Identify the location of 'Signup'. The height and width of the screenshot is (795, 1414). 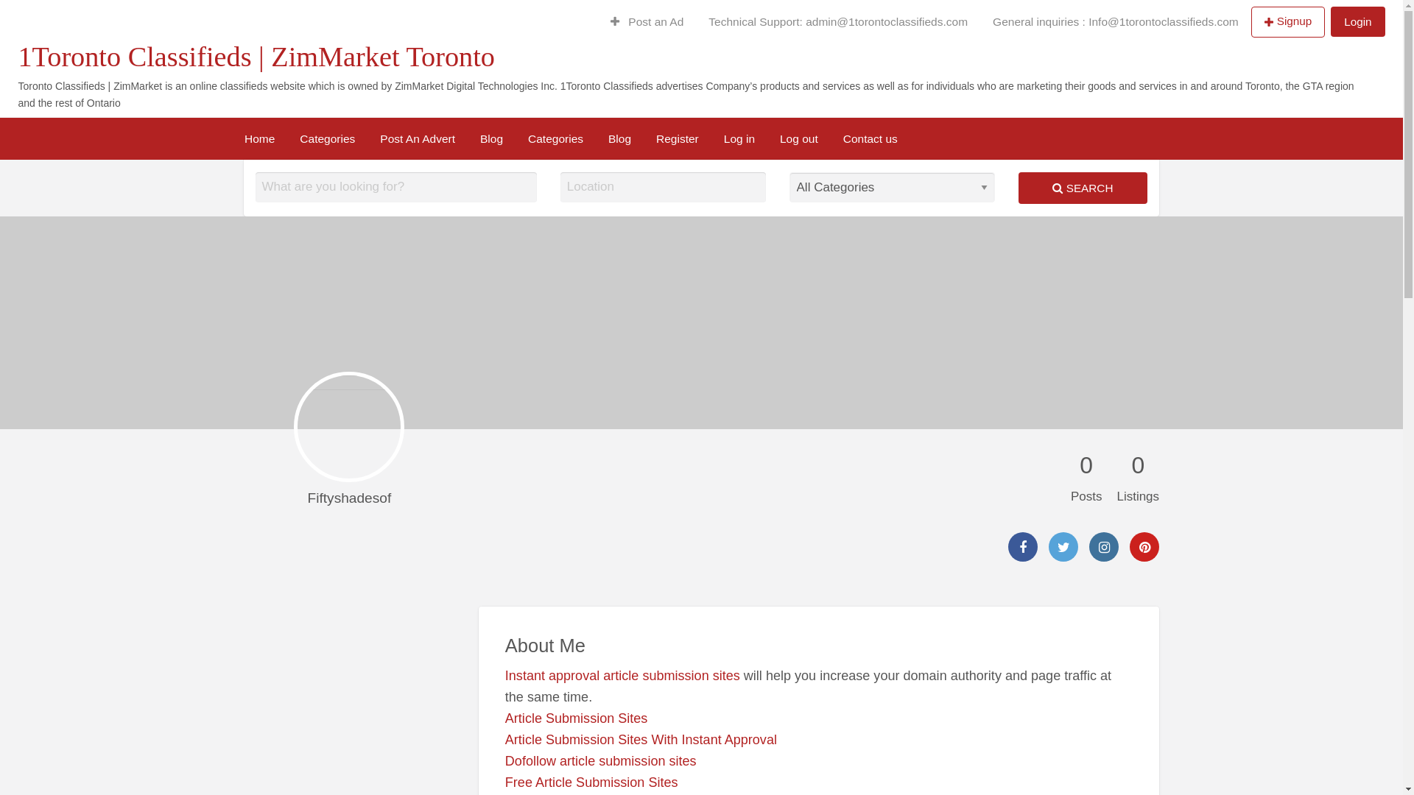
(1287, 21).